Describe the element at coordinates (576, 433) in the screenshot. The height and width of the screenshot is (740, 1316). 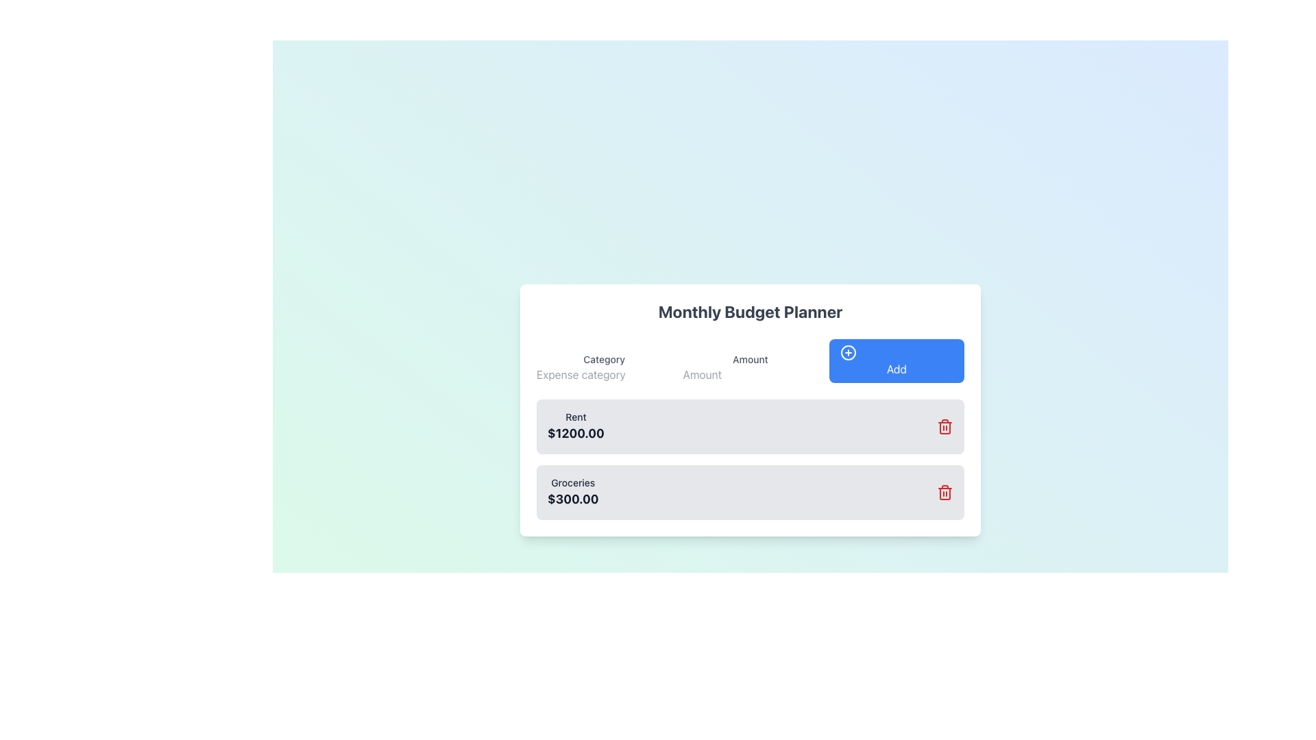
I see `the text label displaying the monetary value '$1200.00', which is styled in bold dark gray and positioned below the 'Rent' label` at that location.